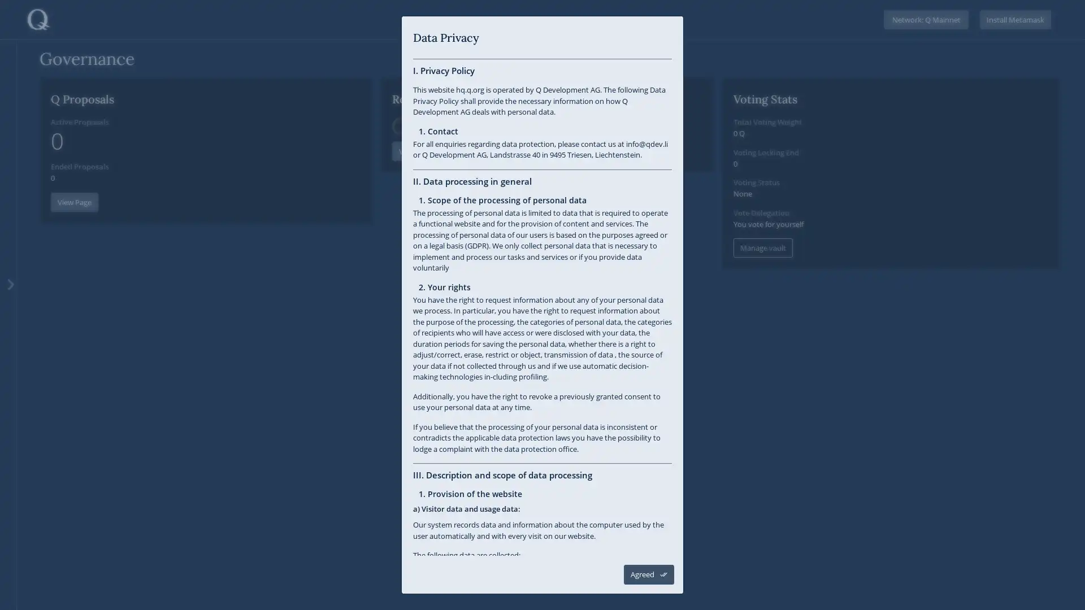 The height and width of the screenshot is (610, 1085). Describe the element at coordinates (649, 574) in the screenshot. I see `Agreed` at that location.